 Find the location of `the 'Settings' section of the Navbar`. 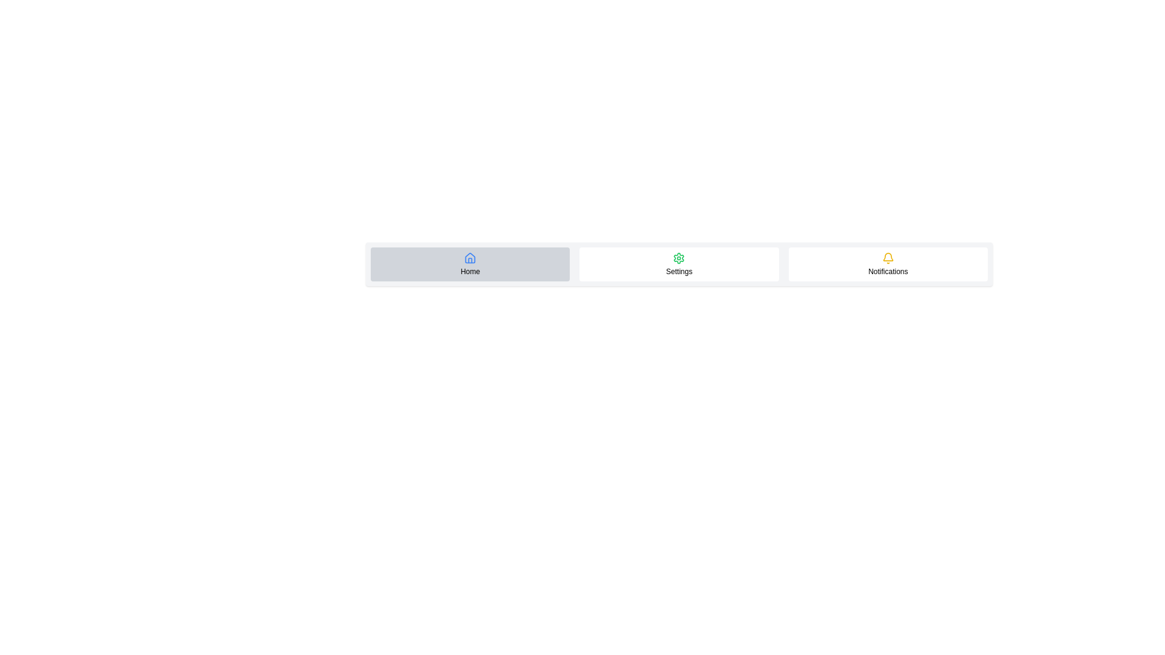

the 'Settings' section of the Navbar is located at coordinates (678, 263).